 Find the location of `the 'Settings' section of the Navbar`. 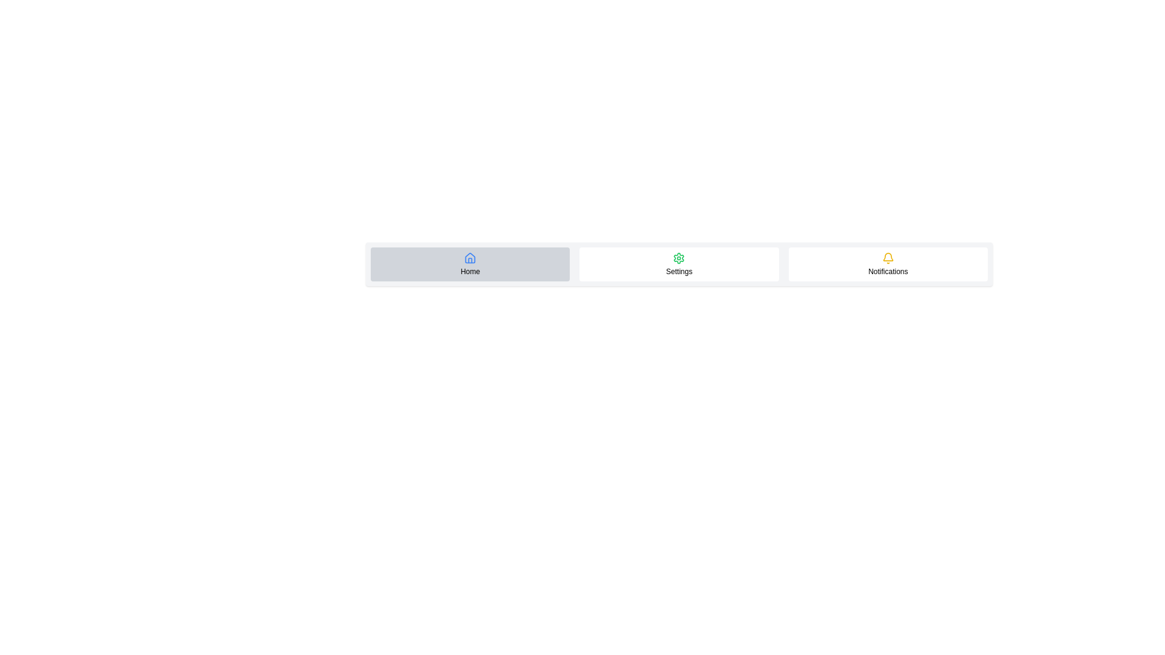

the 'Settings' section of the Navbar is located at coordinates (678, 263).